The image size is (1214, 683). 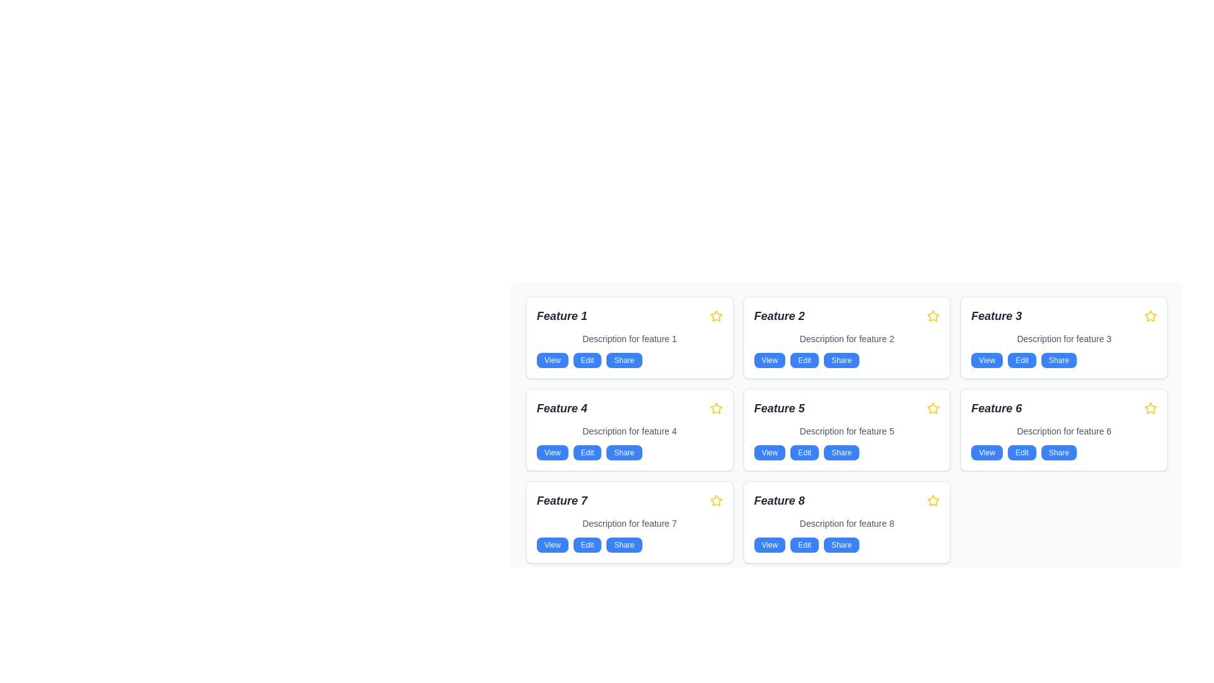 What do you see at coordinates (1150, 408) in the screenshot?
I see `the Star icon located in the top right corner of the card labeled 'Feature 6'` at bounding box center [1150, 408].